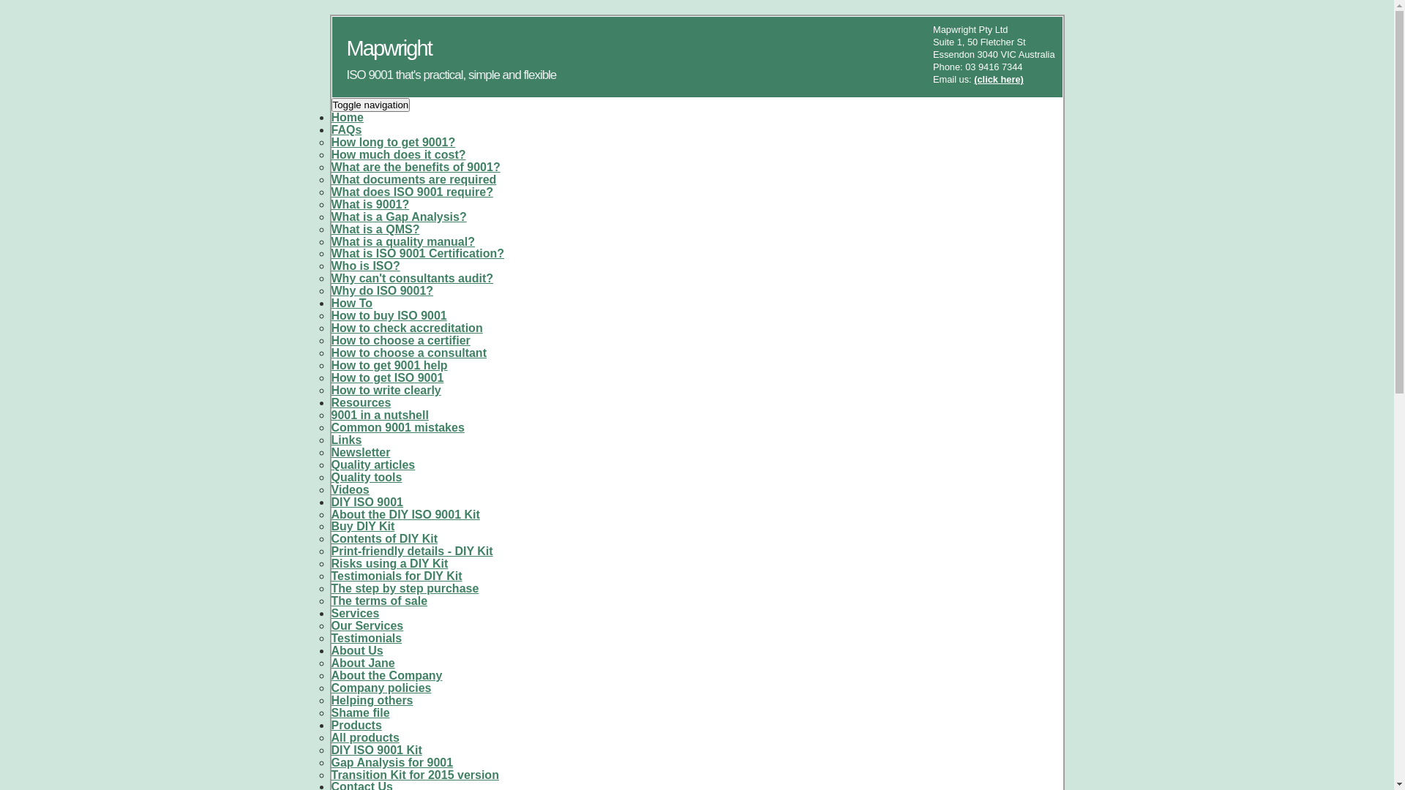 The image size is (1405, 790). I want to click on 'Print-friendly details - DIY Kit', so click(411, 551).